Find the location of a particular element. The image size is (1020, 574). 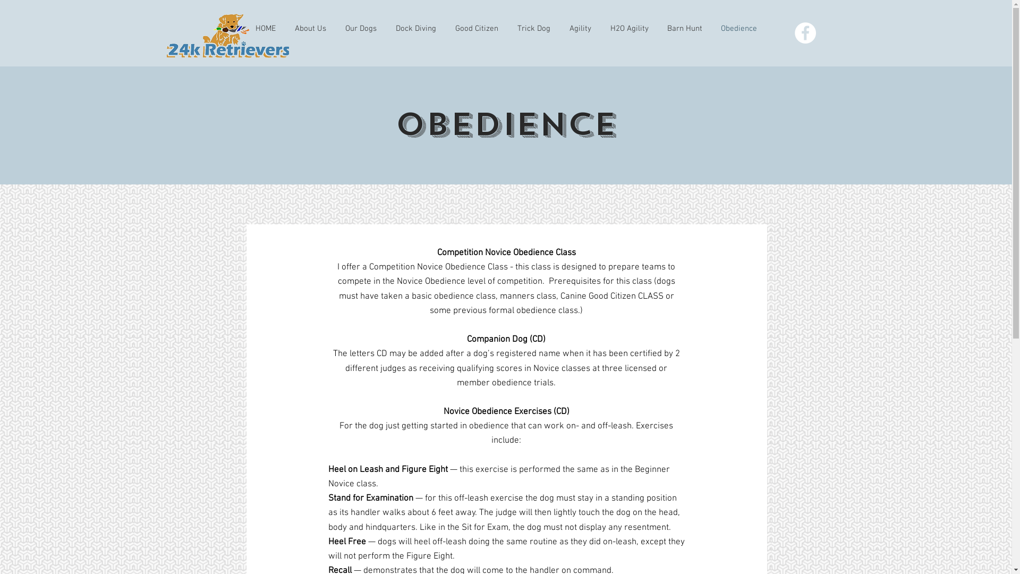

'Trick Dog' is located at coordinates (533, 28).